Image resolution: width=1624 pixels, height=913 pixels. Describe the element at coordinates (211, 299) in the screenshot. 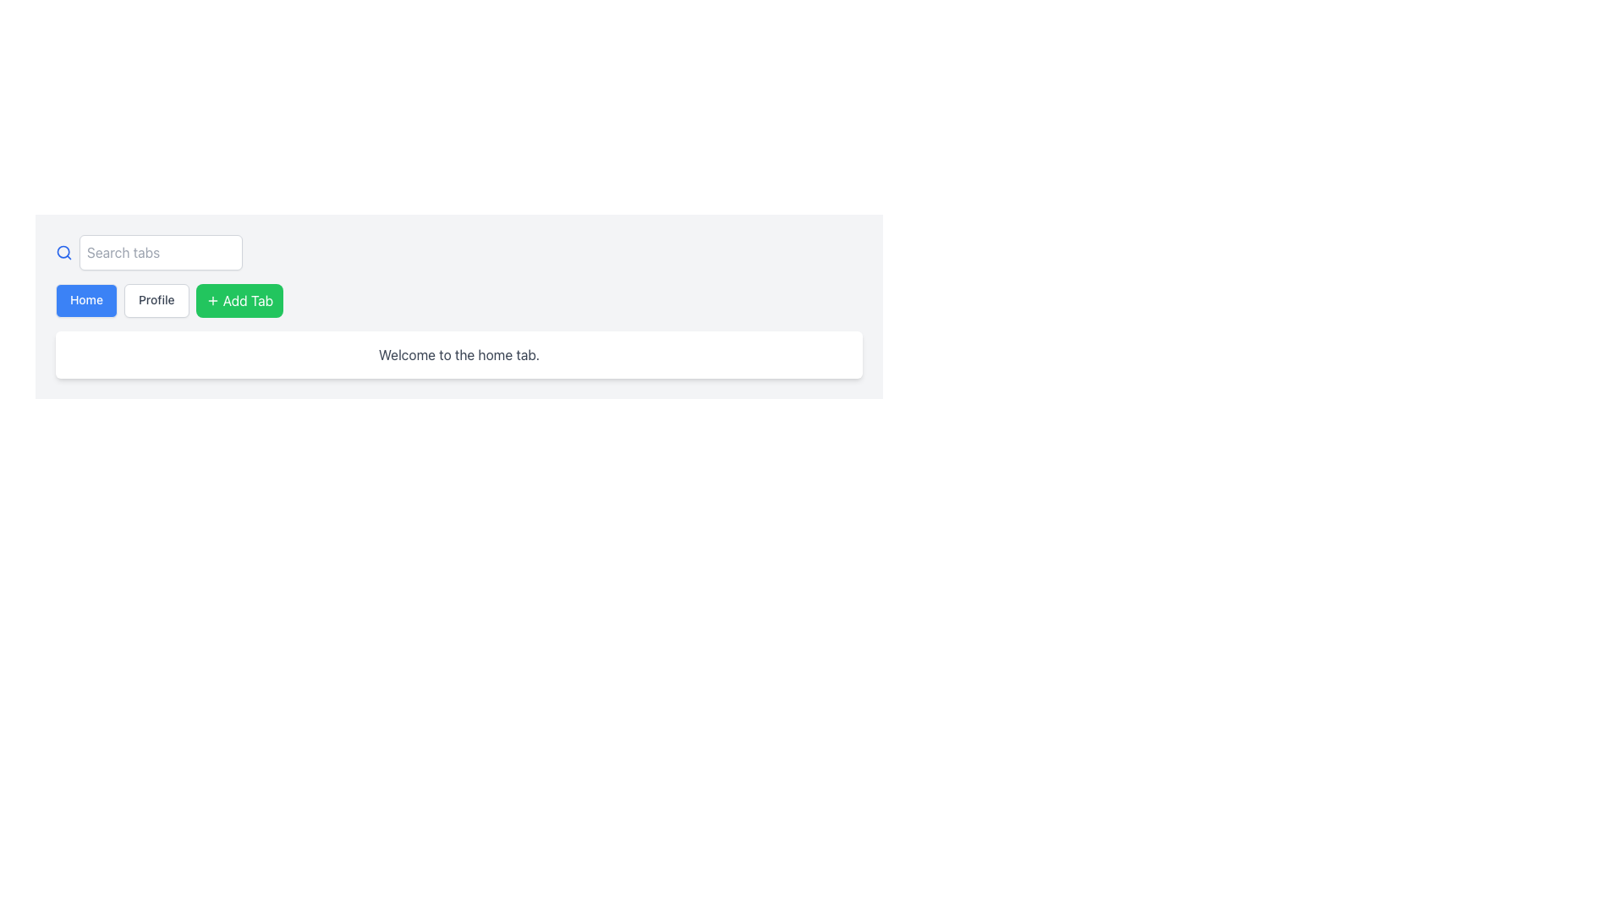

I see `the plus icon located inside the green 'Add Tab' button` at that location.